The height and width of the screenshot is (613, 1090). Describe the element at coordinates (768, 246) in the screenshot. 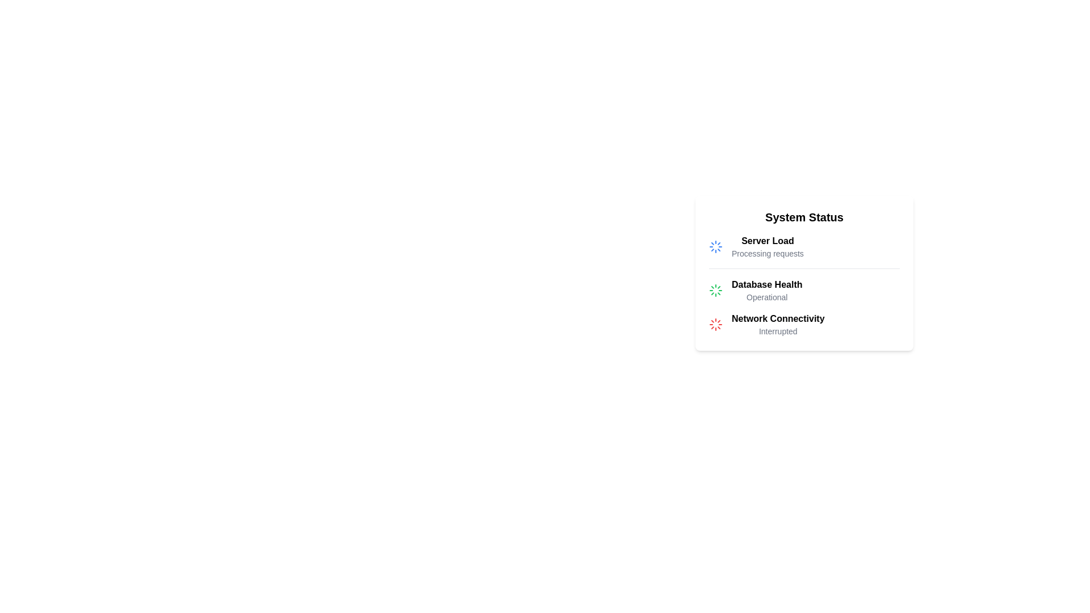

I see `information displayed in the 'Server Load' text display element, which shows 'Server Load' in bold and 'Processing requests' in a smaller gray font, located under the 'System Status' heading` at that location.